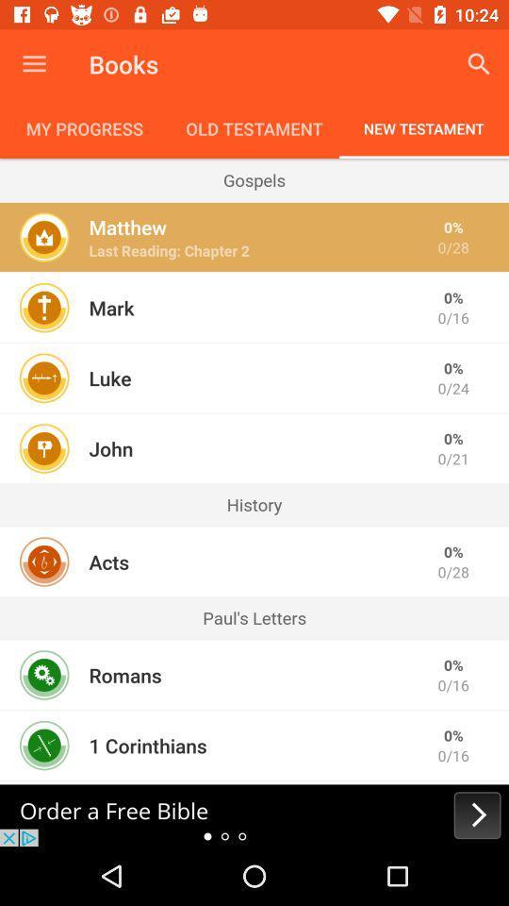 The image size is (509, 906). What do you see at coordinates (254, 179) in the screenshot?
I see `the icon below the my progress icon` at bounding box center [254, 179].